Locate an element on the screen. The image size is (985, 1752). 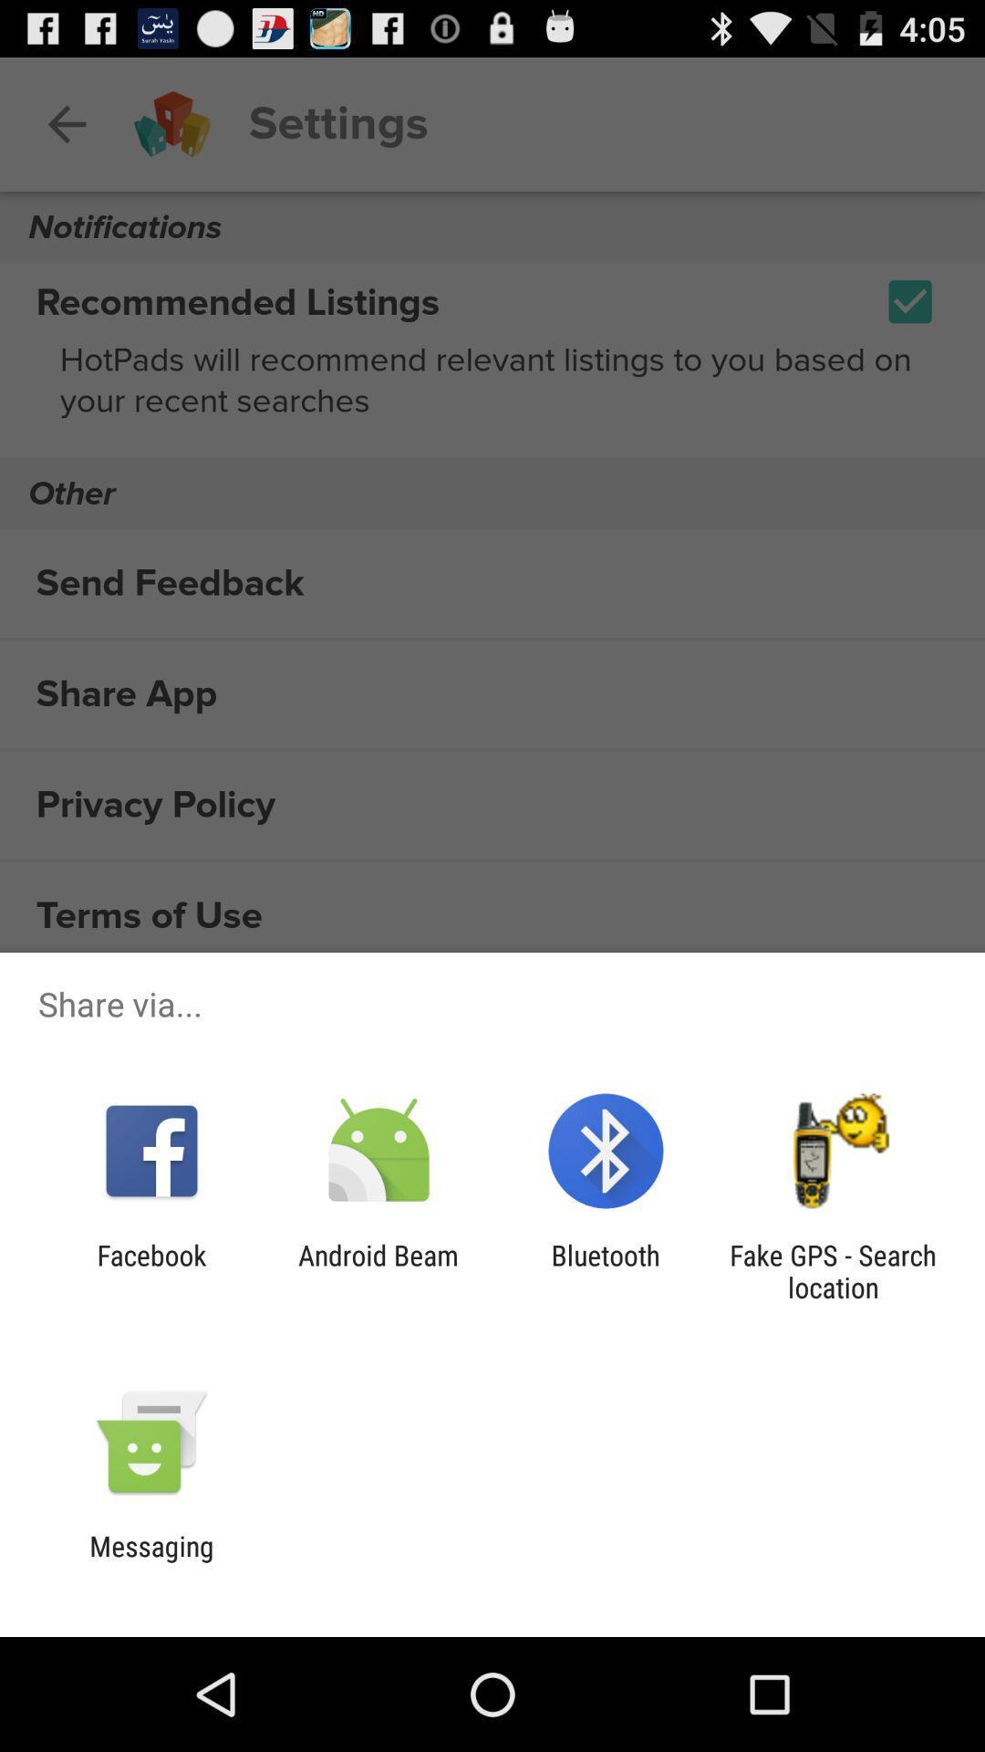
android beam icon is located at coordinates (378, 1270).